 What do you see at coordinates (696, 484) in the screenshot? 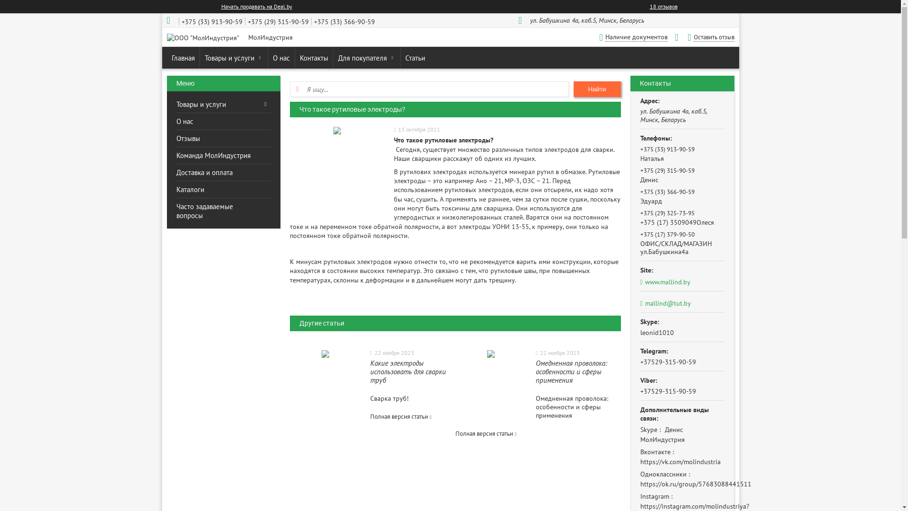
I see `'https://ok.ru/group/57683088441511'` at bounding box center [696, 484].